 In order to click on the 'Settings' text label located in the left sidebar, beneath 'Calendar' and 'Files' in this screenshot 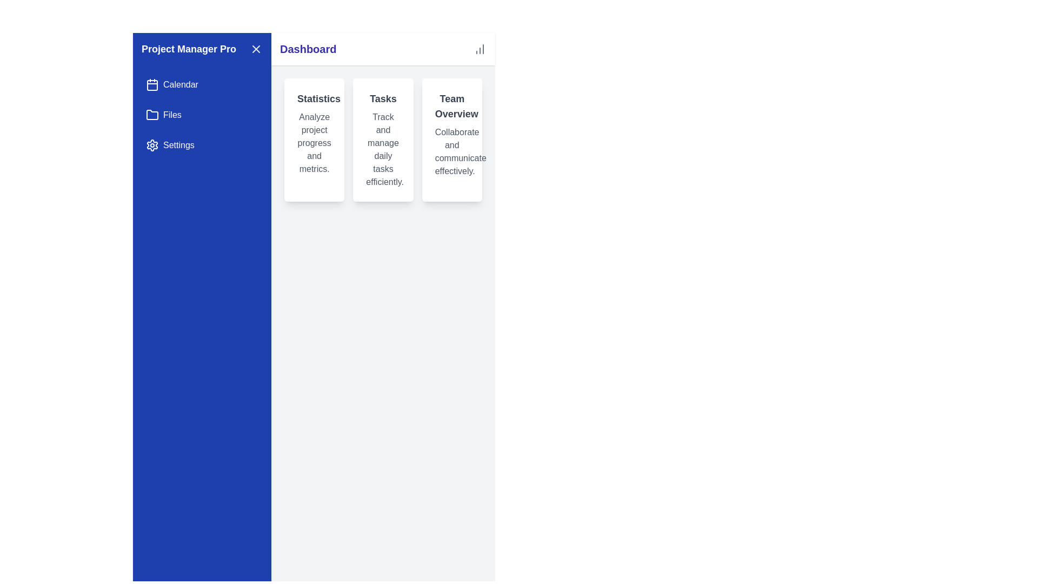, I will do `click(178, 145)`.